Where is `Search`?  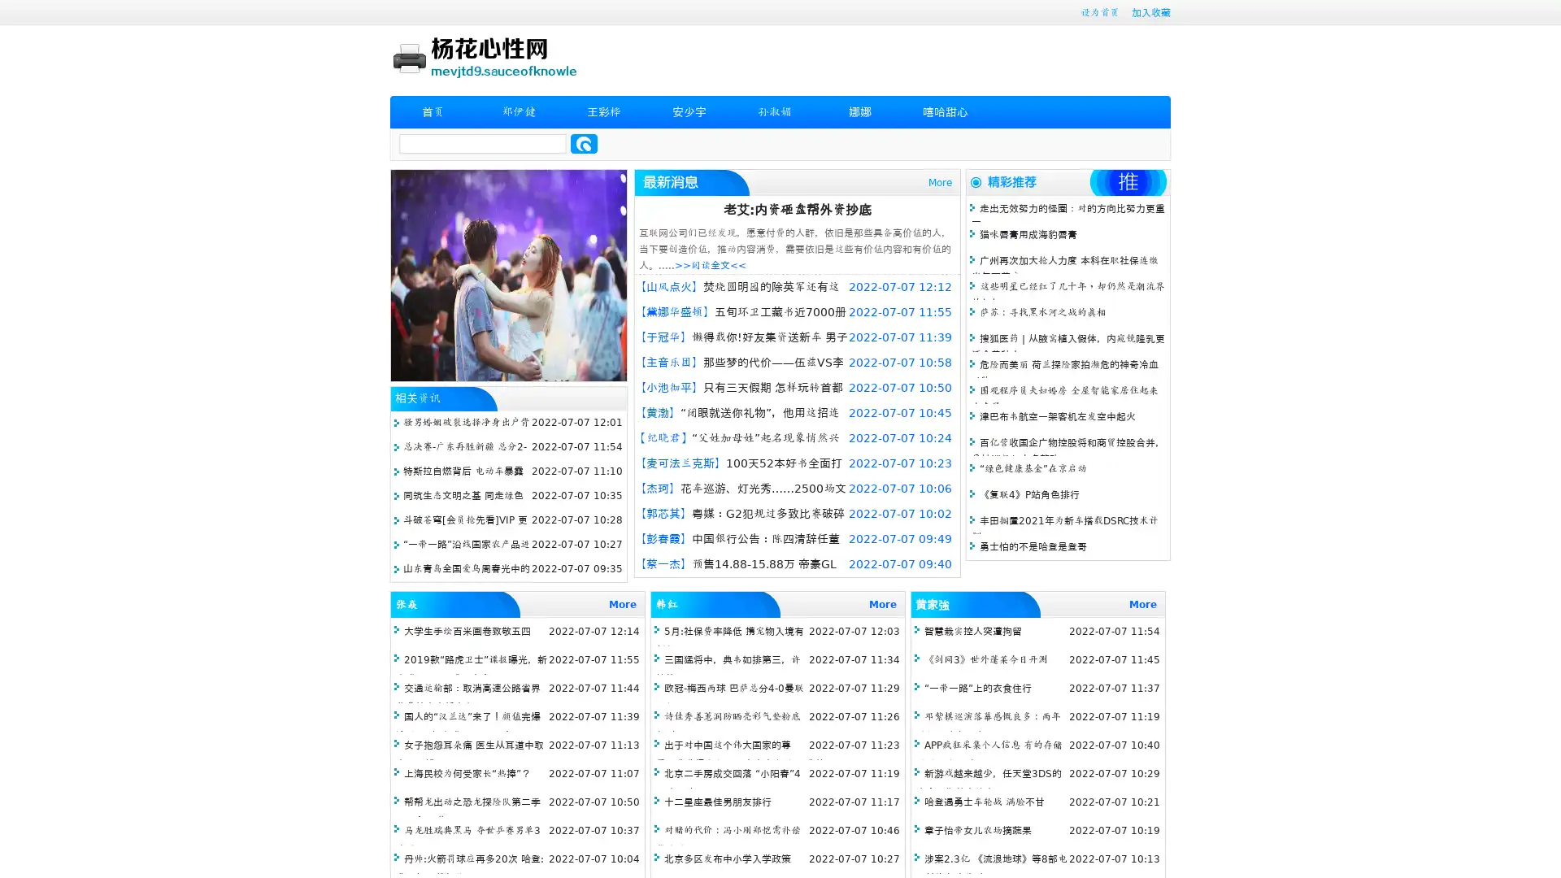
Search is located at coordinates (584, 143).